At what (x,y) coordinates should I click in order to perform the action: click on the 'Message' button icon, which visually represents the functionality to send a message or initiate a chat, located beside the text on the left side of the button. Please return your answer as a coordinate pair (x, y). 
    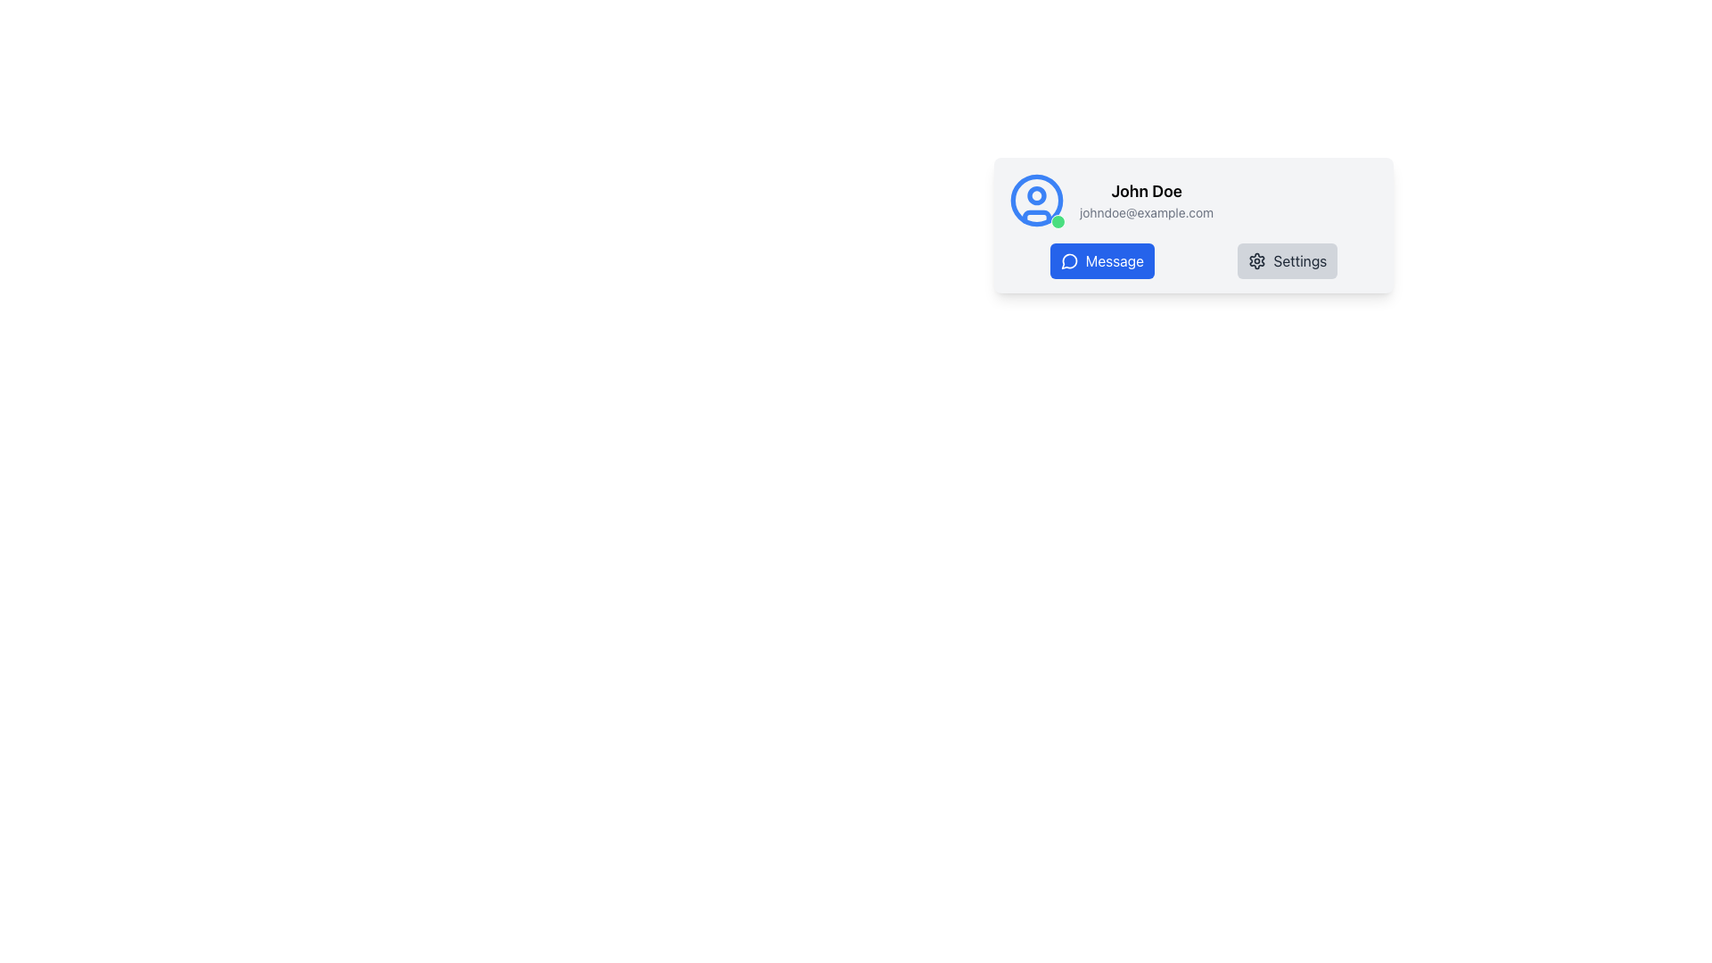
    Looking at the image, I should click on (1069, 261).